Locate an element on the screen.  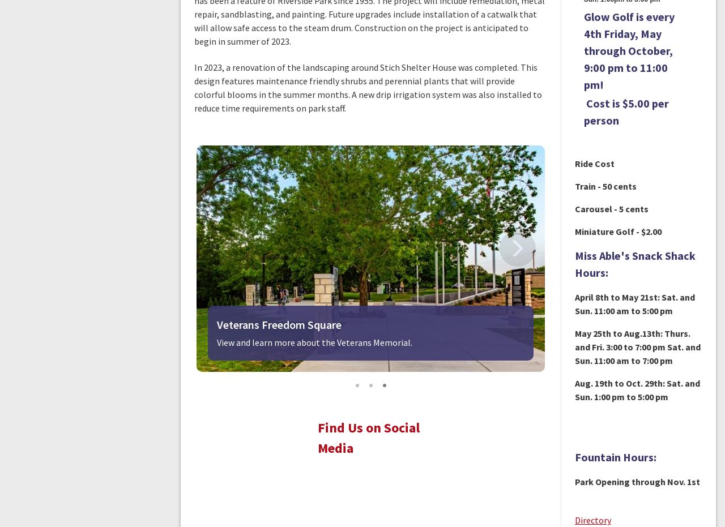
'2' is located at coordinates (384, 385).